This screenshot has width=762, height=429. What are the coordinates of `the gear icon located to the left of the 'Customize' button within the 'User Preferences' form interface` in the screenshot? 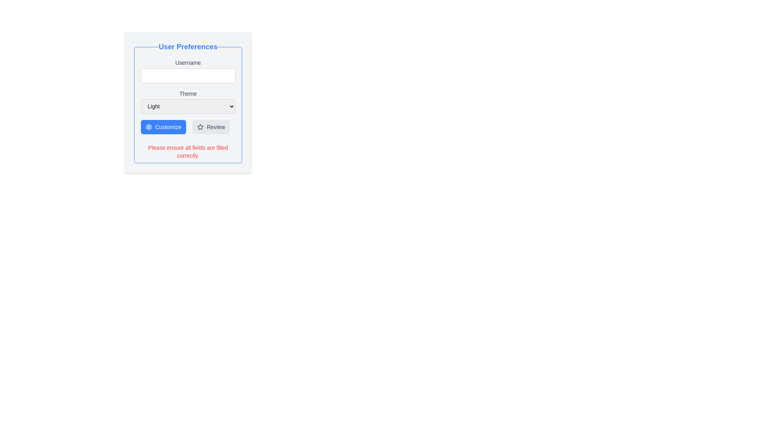 It's located at (148, 127).